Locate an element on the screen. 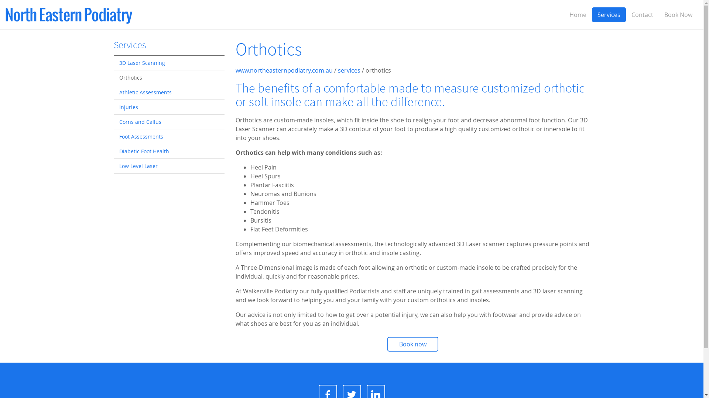  'www.northeasternpodiatry.com.au' is located at coordinates (284, 70).